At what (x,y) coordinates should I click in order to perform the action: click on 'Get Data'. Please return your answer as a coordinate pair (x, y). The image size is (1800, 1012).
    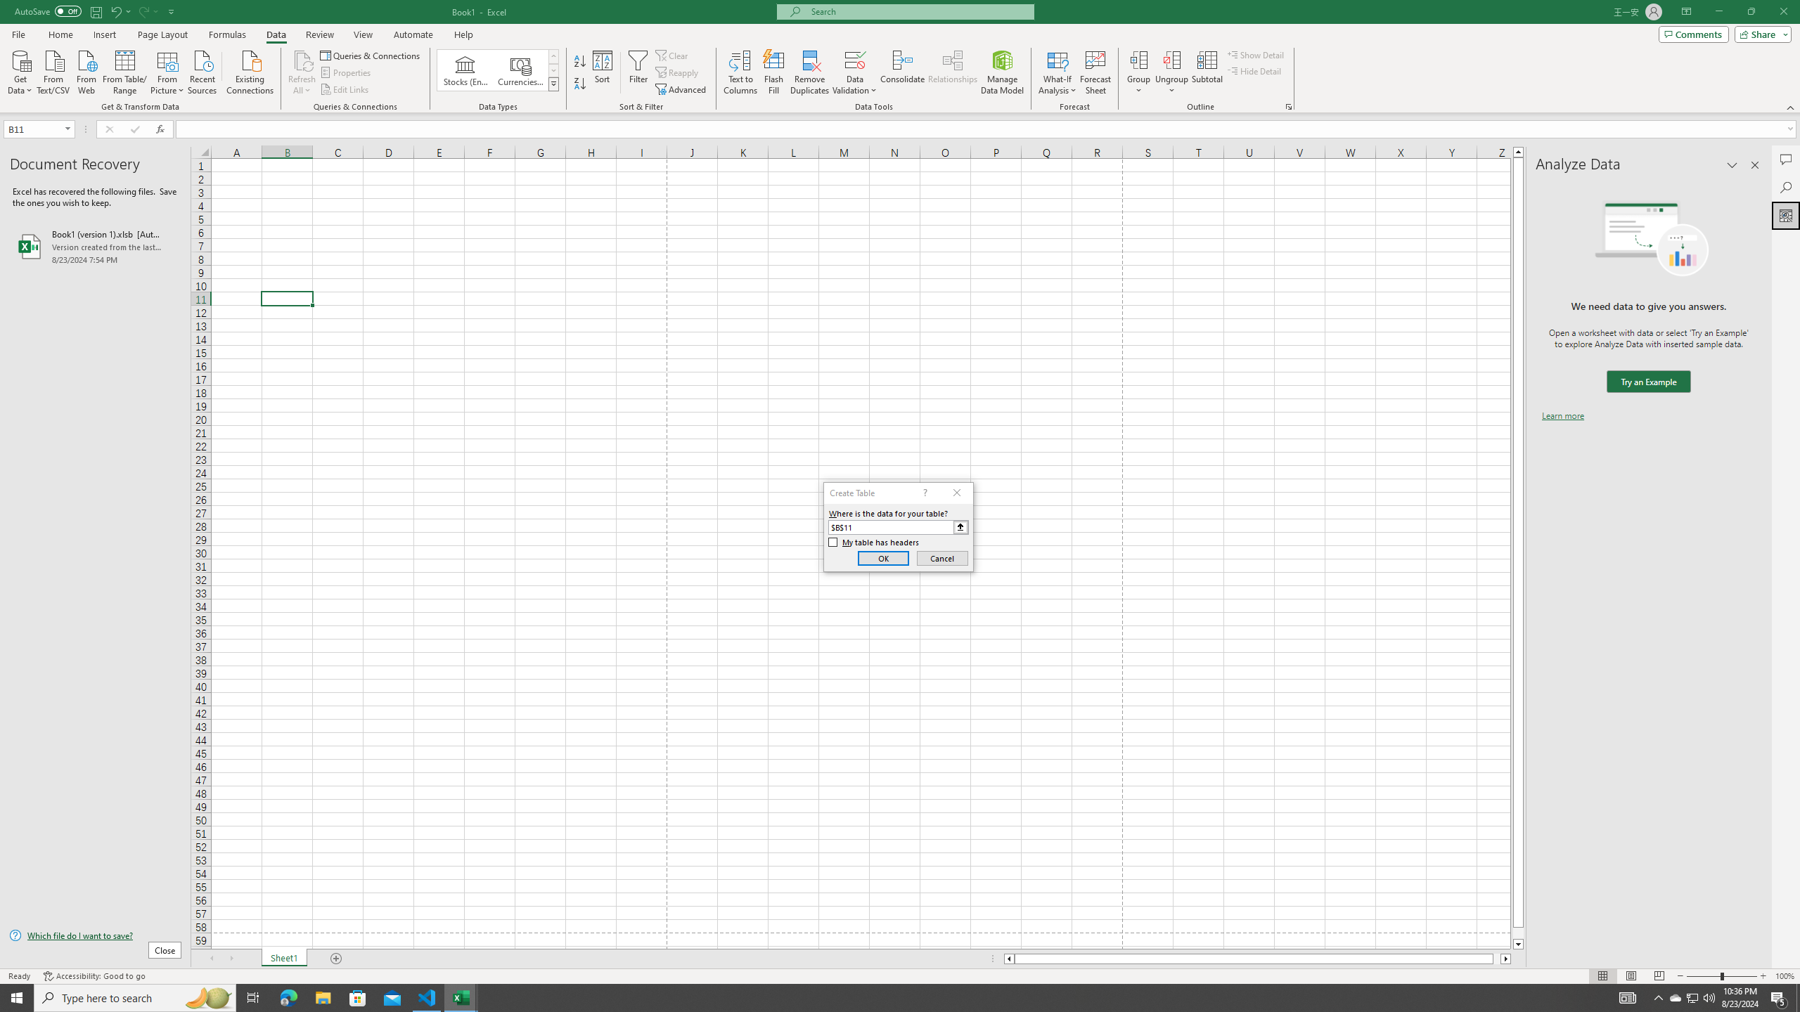
    Looking at the image, I should click on (20, 70).